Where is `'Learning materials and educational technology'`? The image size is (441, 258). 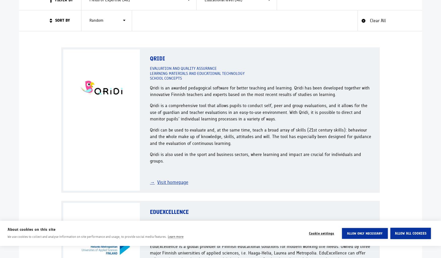 'Learning materials and educational technology' is located at coordinates (197, 73).